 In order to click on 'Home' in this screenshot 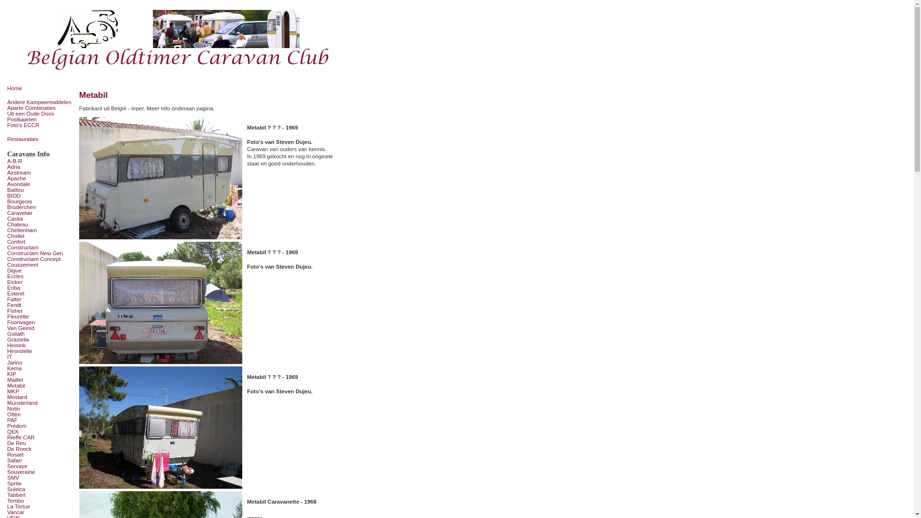, I will do `click(40, 88)`.